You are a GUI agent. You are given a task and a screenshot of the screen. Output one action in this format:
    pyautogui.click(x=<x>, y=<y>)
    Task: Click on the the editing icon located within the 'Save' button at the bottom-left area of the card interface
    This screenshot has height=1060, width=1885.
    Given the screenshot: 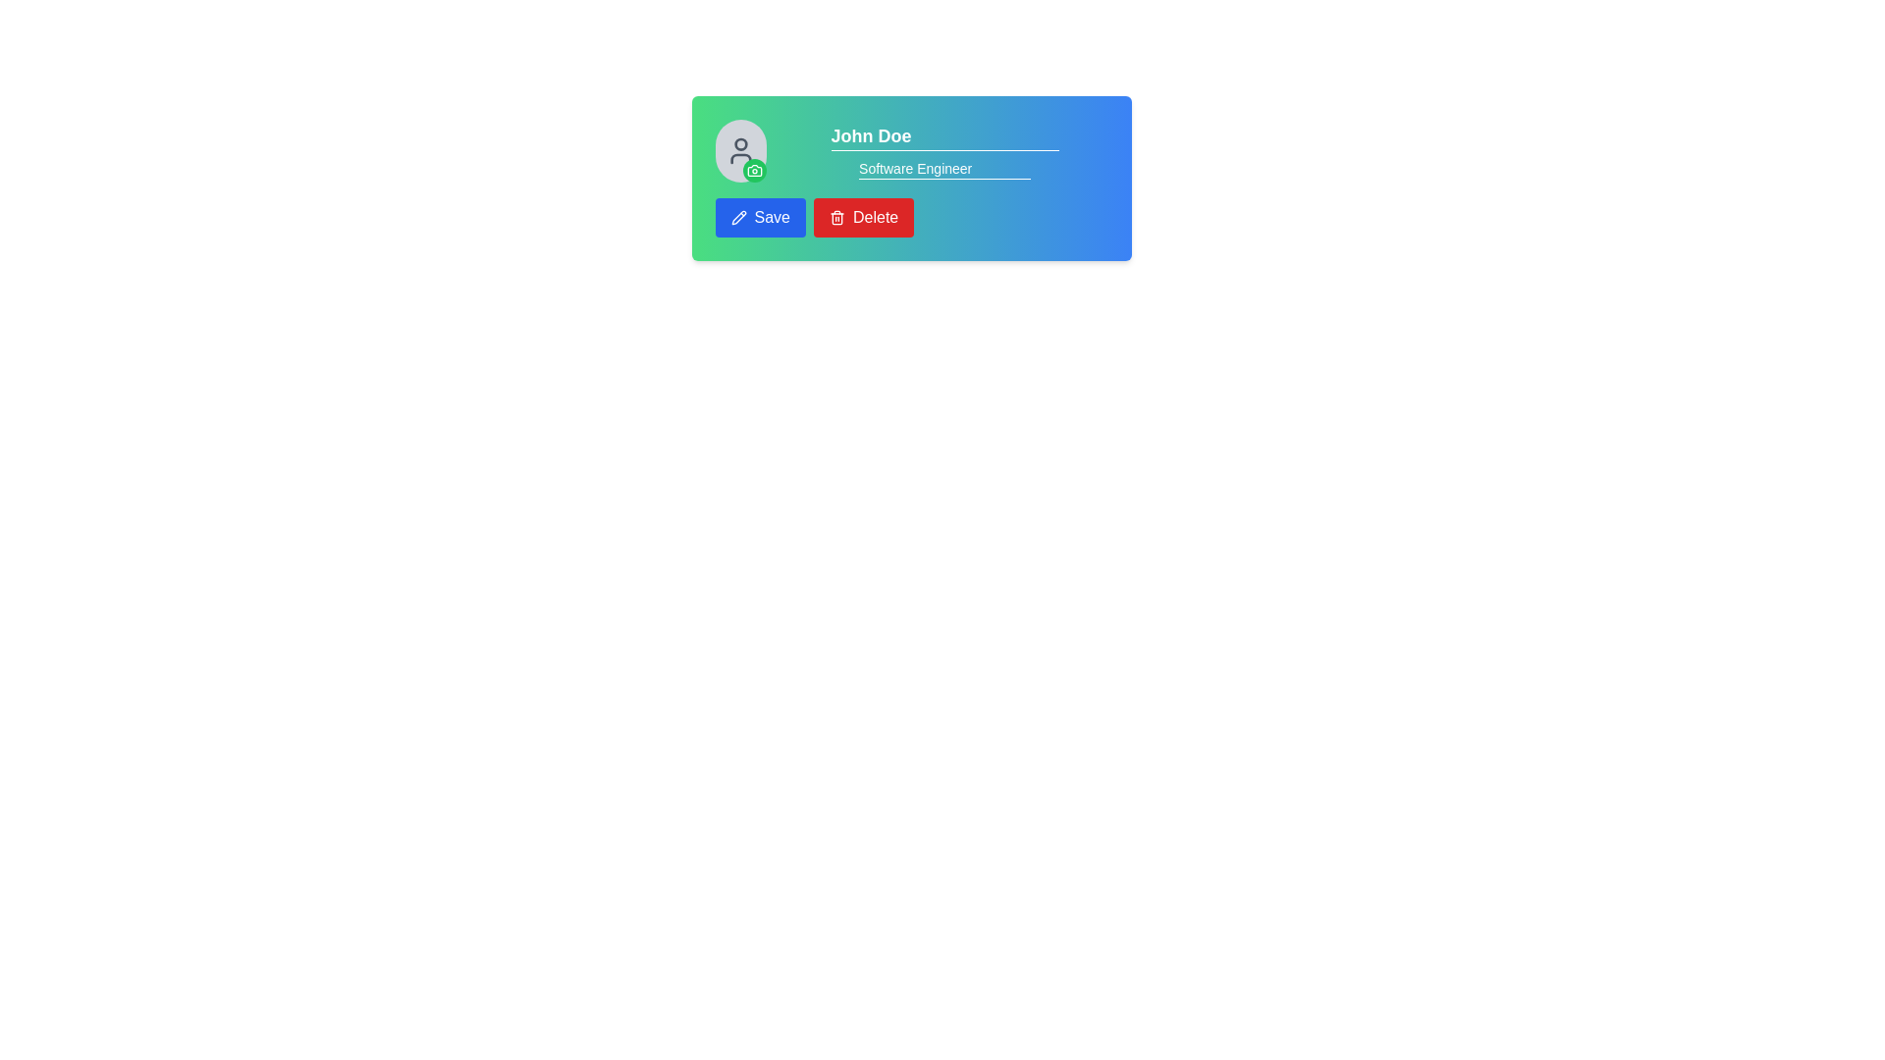 What is the action you would take?
    pyautogui.click(x=737, y=218)
    